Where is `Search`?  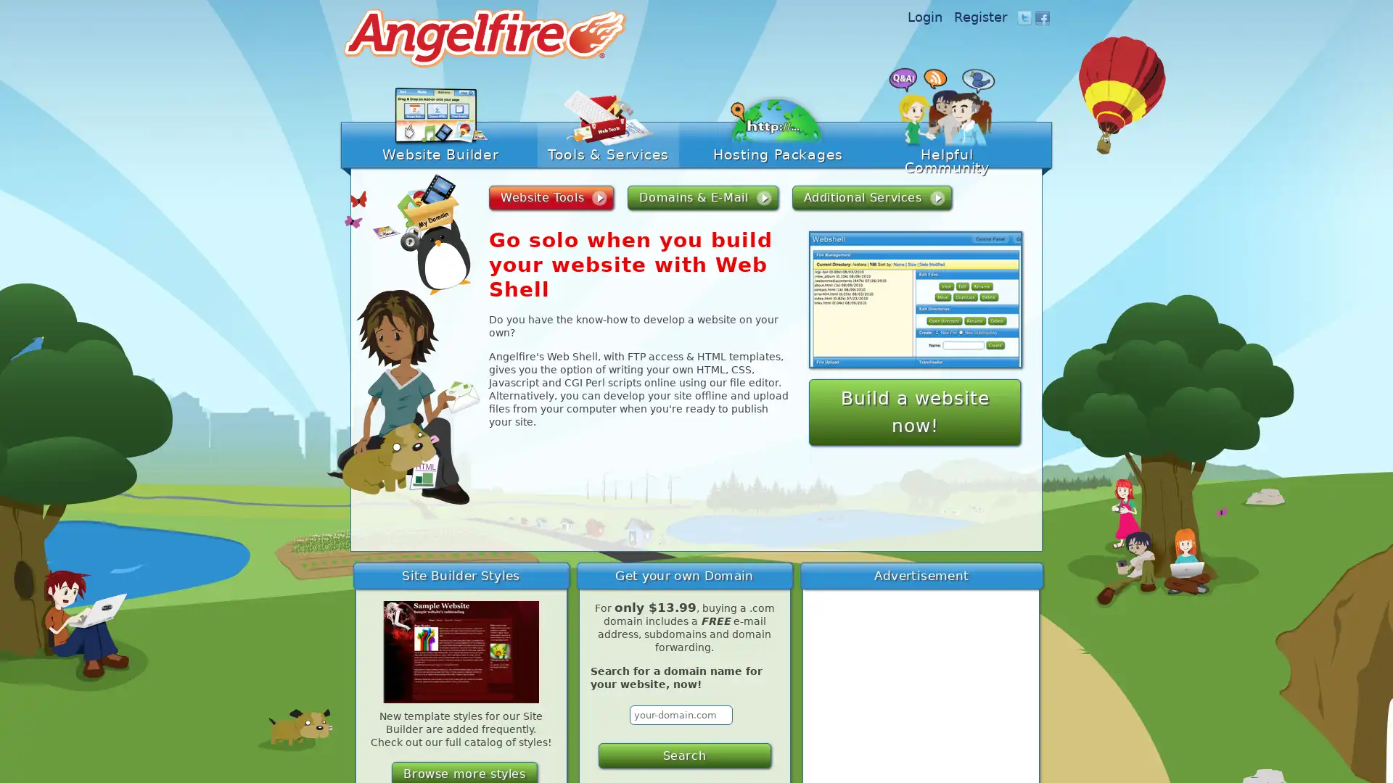 Search is located at coordinates (683, 755).